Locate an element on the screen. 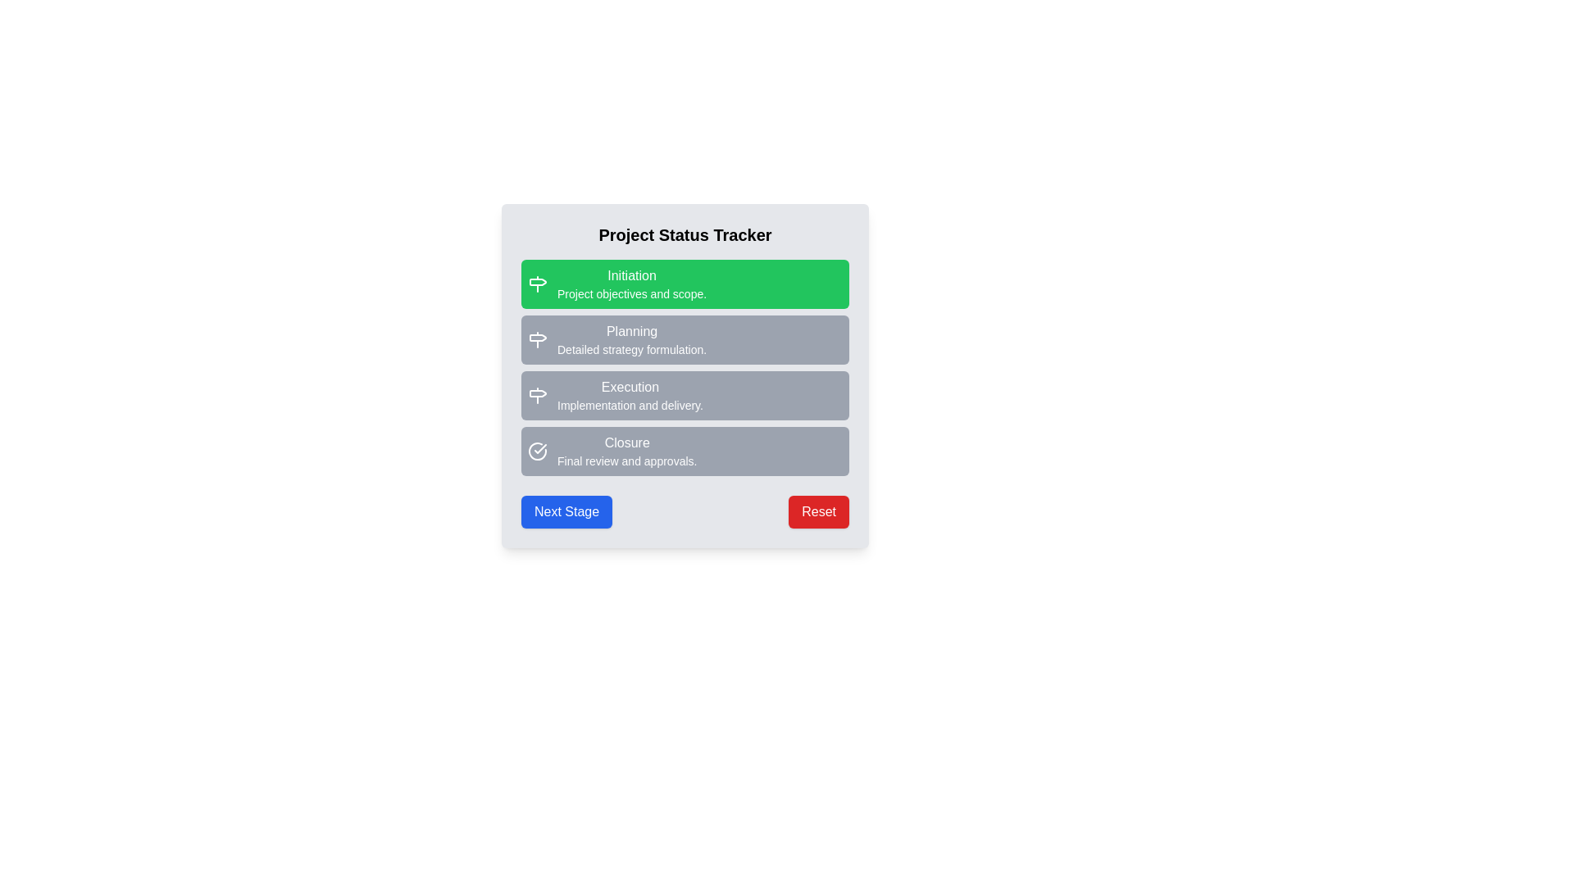 The width and height of the screenshot is (1574, 885). the 'Planning' stage text display is located at coordinates (631, 339).